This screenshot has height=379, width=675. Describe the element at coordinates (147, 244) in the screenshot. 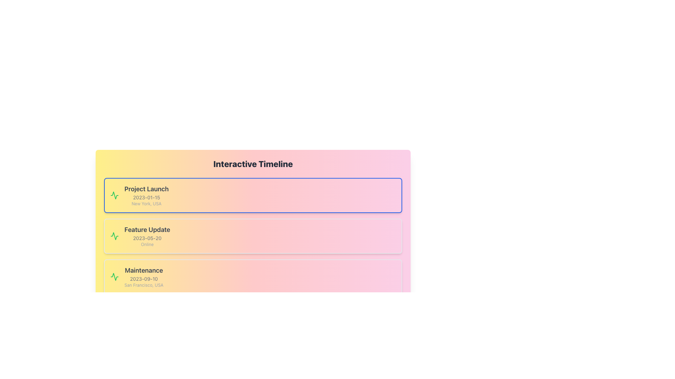

I see `the static text element that displays the word 'Online', which is located beneath the date text in the 'Feature Update' timeline entry` at that location.